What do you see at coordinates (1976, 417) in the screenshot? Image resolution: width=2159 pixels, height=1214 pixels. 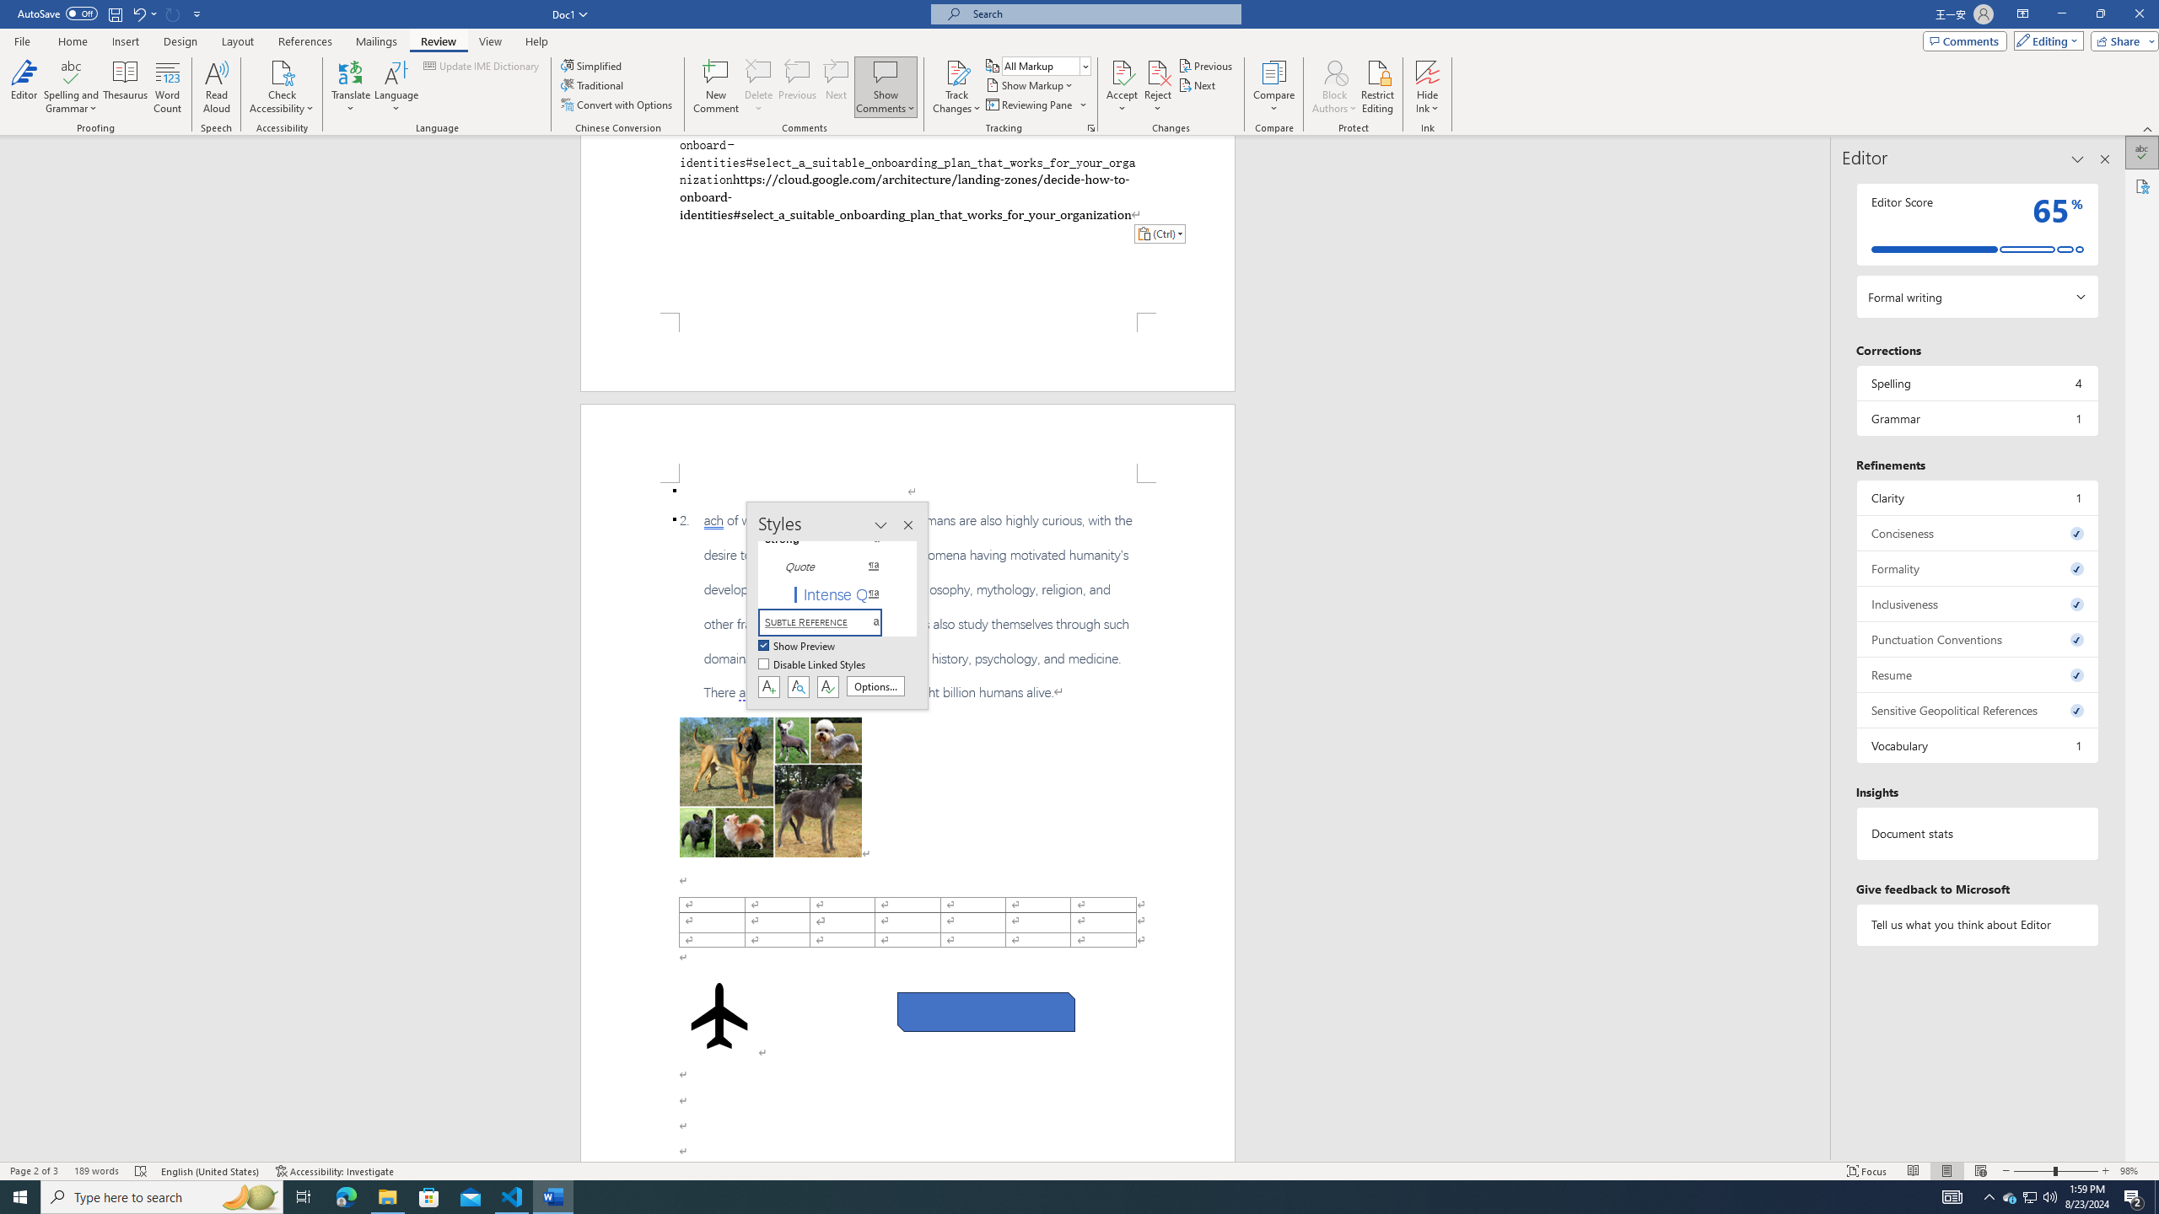 I see `'Grammar, 1 issue. Press space or enter to review items.'` at bounding box center [1976, 417].